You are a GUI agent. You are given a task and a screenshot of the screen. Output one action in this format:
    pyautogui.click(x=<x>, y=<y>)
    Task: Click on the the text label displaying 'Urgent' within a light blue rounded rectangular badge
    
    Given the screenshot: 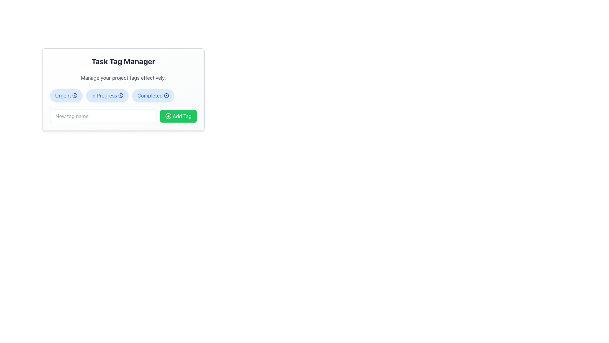 What is the action you would take?
    pyautogui.click(x=63, y=95)
    